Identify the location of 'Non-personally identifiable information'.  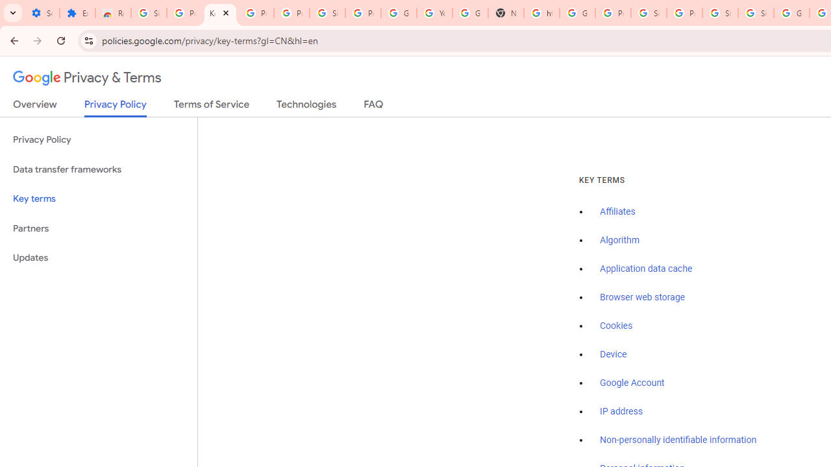
(678, 440).